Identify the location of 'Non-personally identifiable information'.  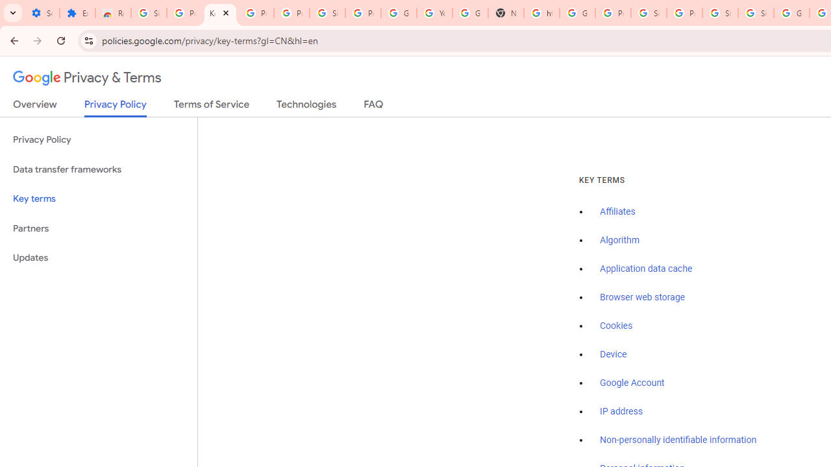
(678, 440).